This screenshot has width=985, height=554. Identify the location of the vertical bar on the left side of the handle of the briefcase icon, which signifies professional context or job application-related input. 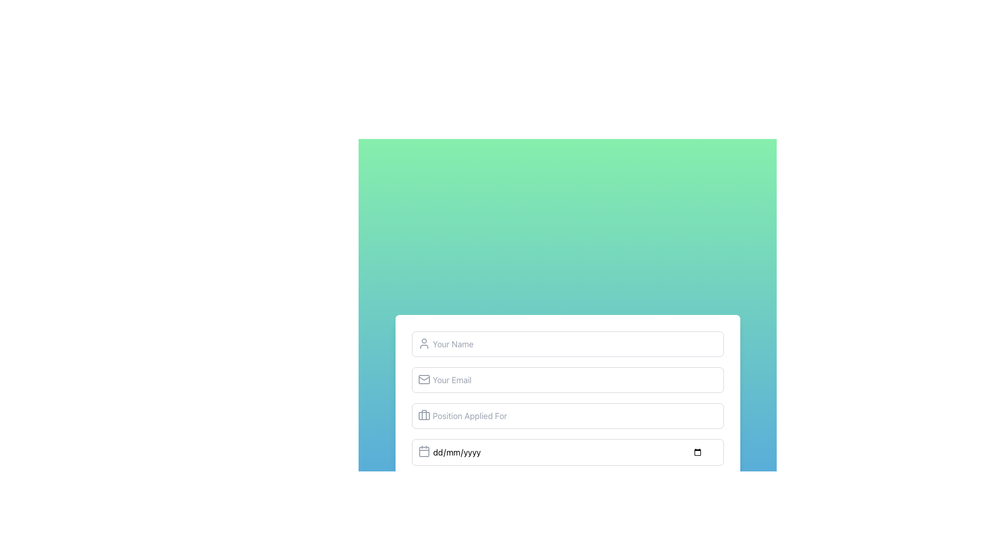
(424, 414).